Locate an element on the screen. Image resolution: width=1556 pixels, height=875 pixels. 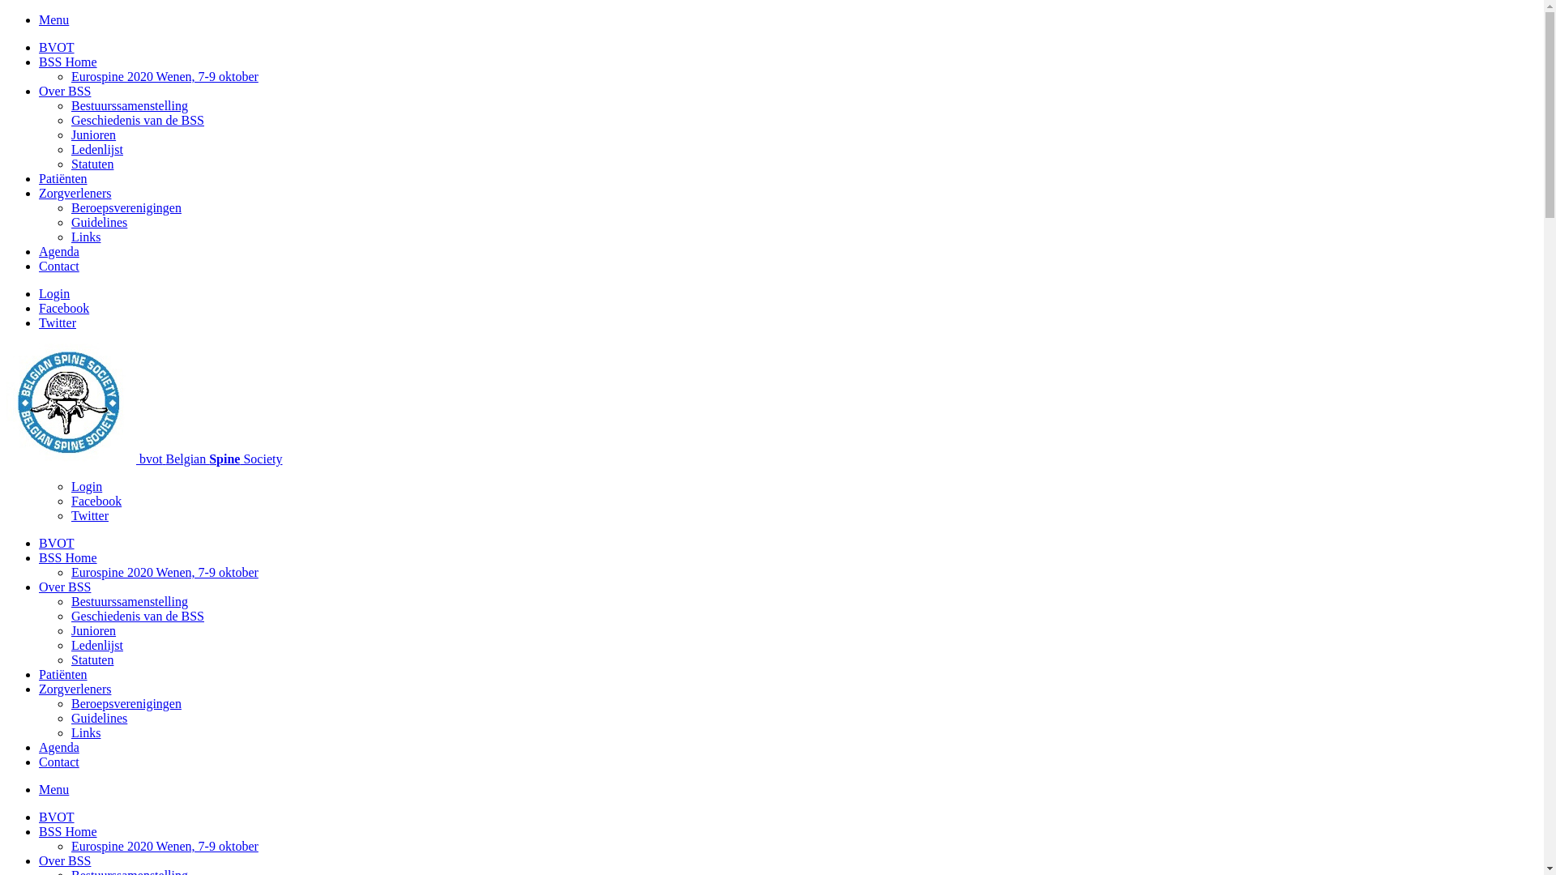
'Login' is located at coordinates (70, 485).